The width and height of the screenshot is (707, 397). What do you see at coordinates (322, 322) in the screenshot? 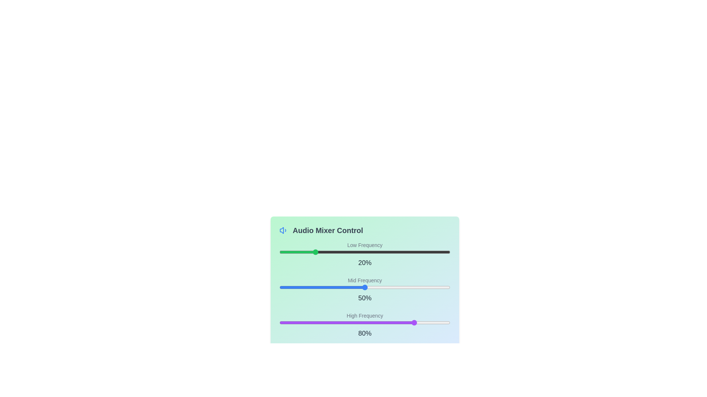
I see `the 'High Frequency' slider` at bounding box center [322, 322].